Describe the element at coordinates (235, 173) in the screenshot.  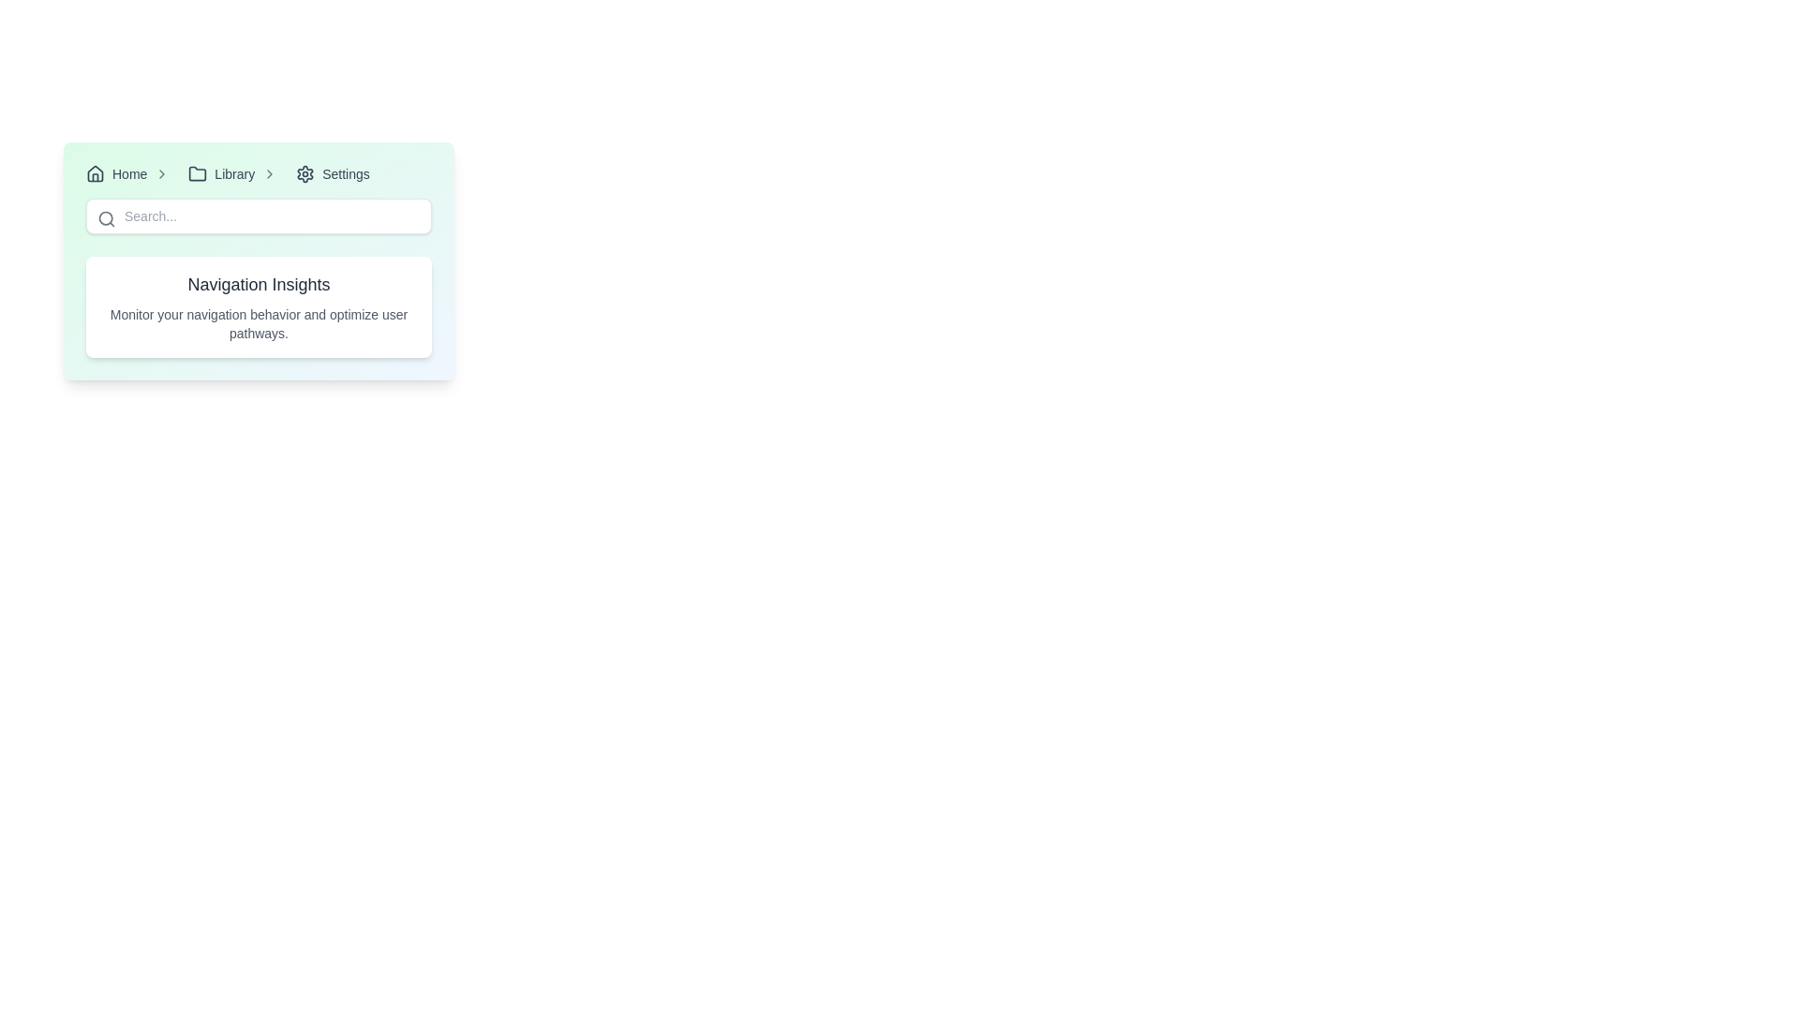
I see `the 'Library' breadcrumb navigation link` at that location.